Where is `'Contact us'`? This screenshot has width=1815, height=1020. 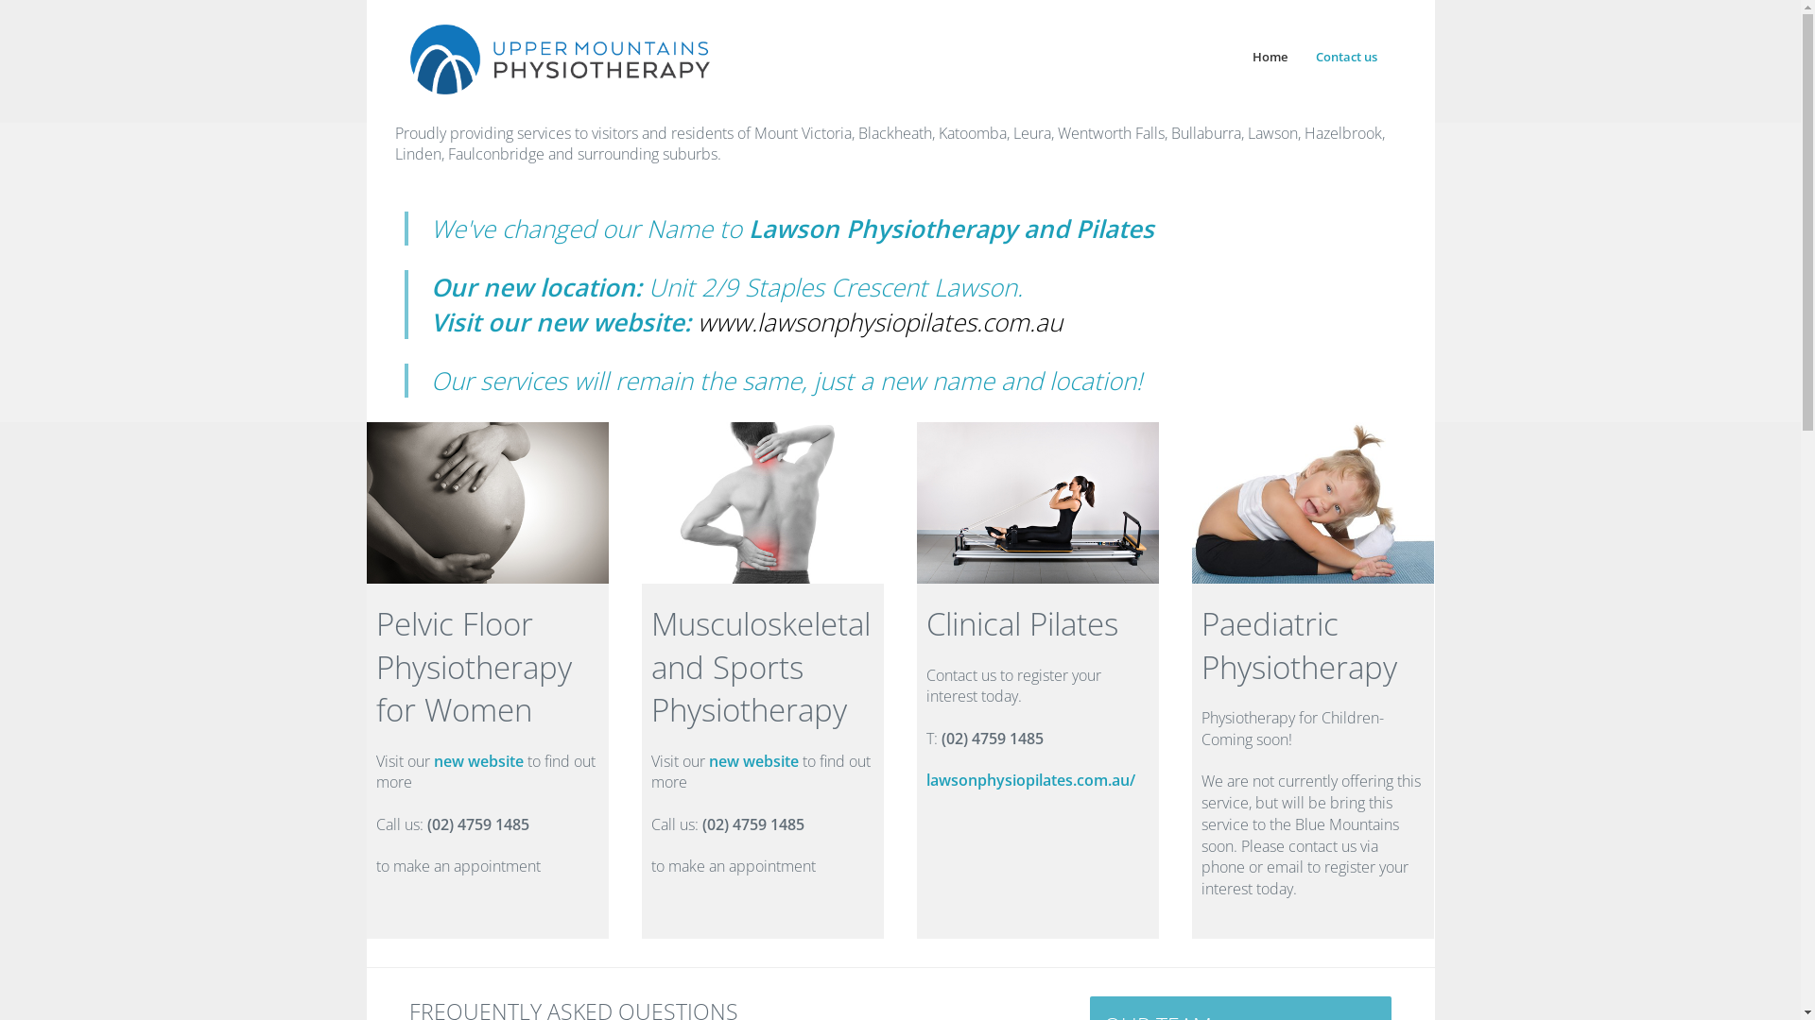 'Contact us' is located at coordinates (1345, 56).